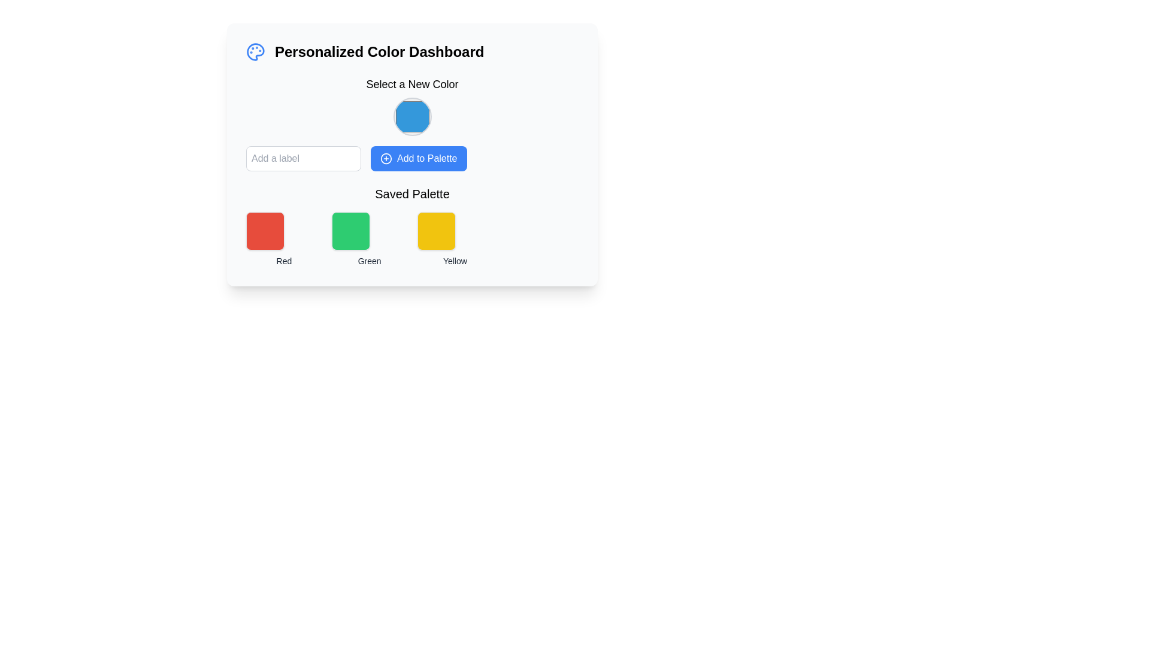 This screenshot has height=647, width=1150. What do you see at coordinates (386, 158) in the screenshot?
I see `circular '+' icon within the 'Add to Palette' button for further details` at bounding box center [386, 158].